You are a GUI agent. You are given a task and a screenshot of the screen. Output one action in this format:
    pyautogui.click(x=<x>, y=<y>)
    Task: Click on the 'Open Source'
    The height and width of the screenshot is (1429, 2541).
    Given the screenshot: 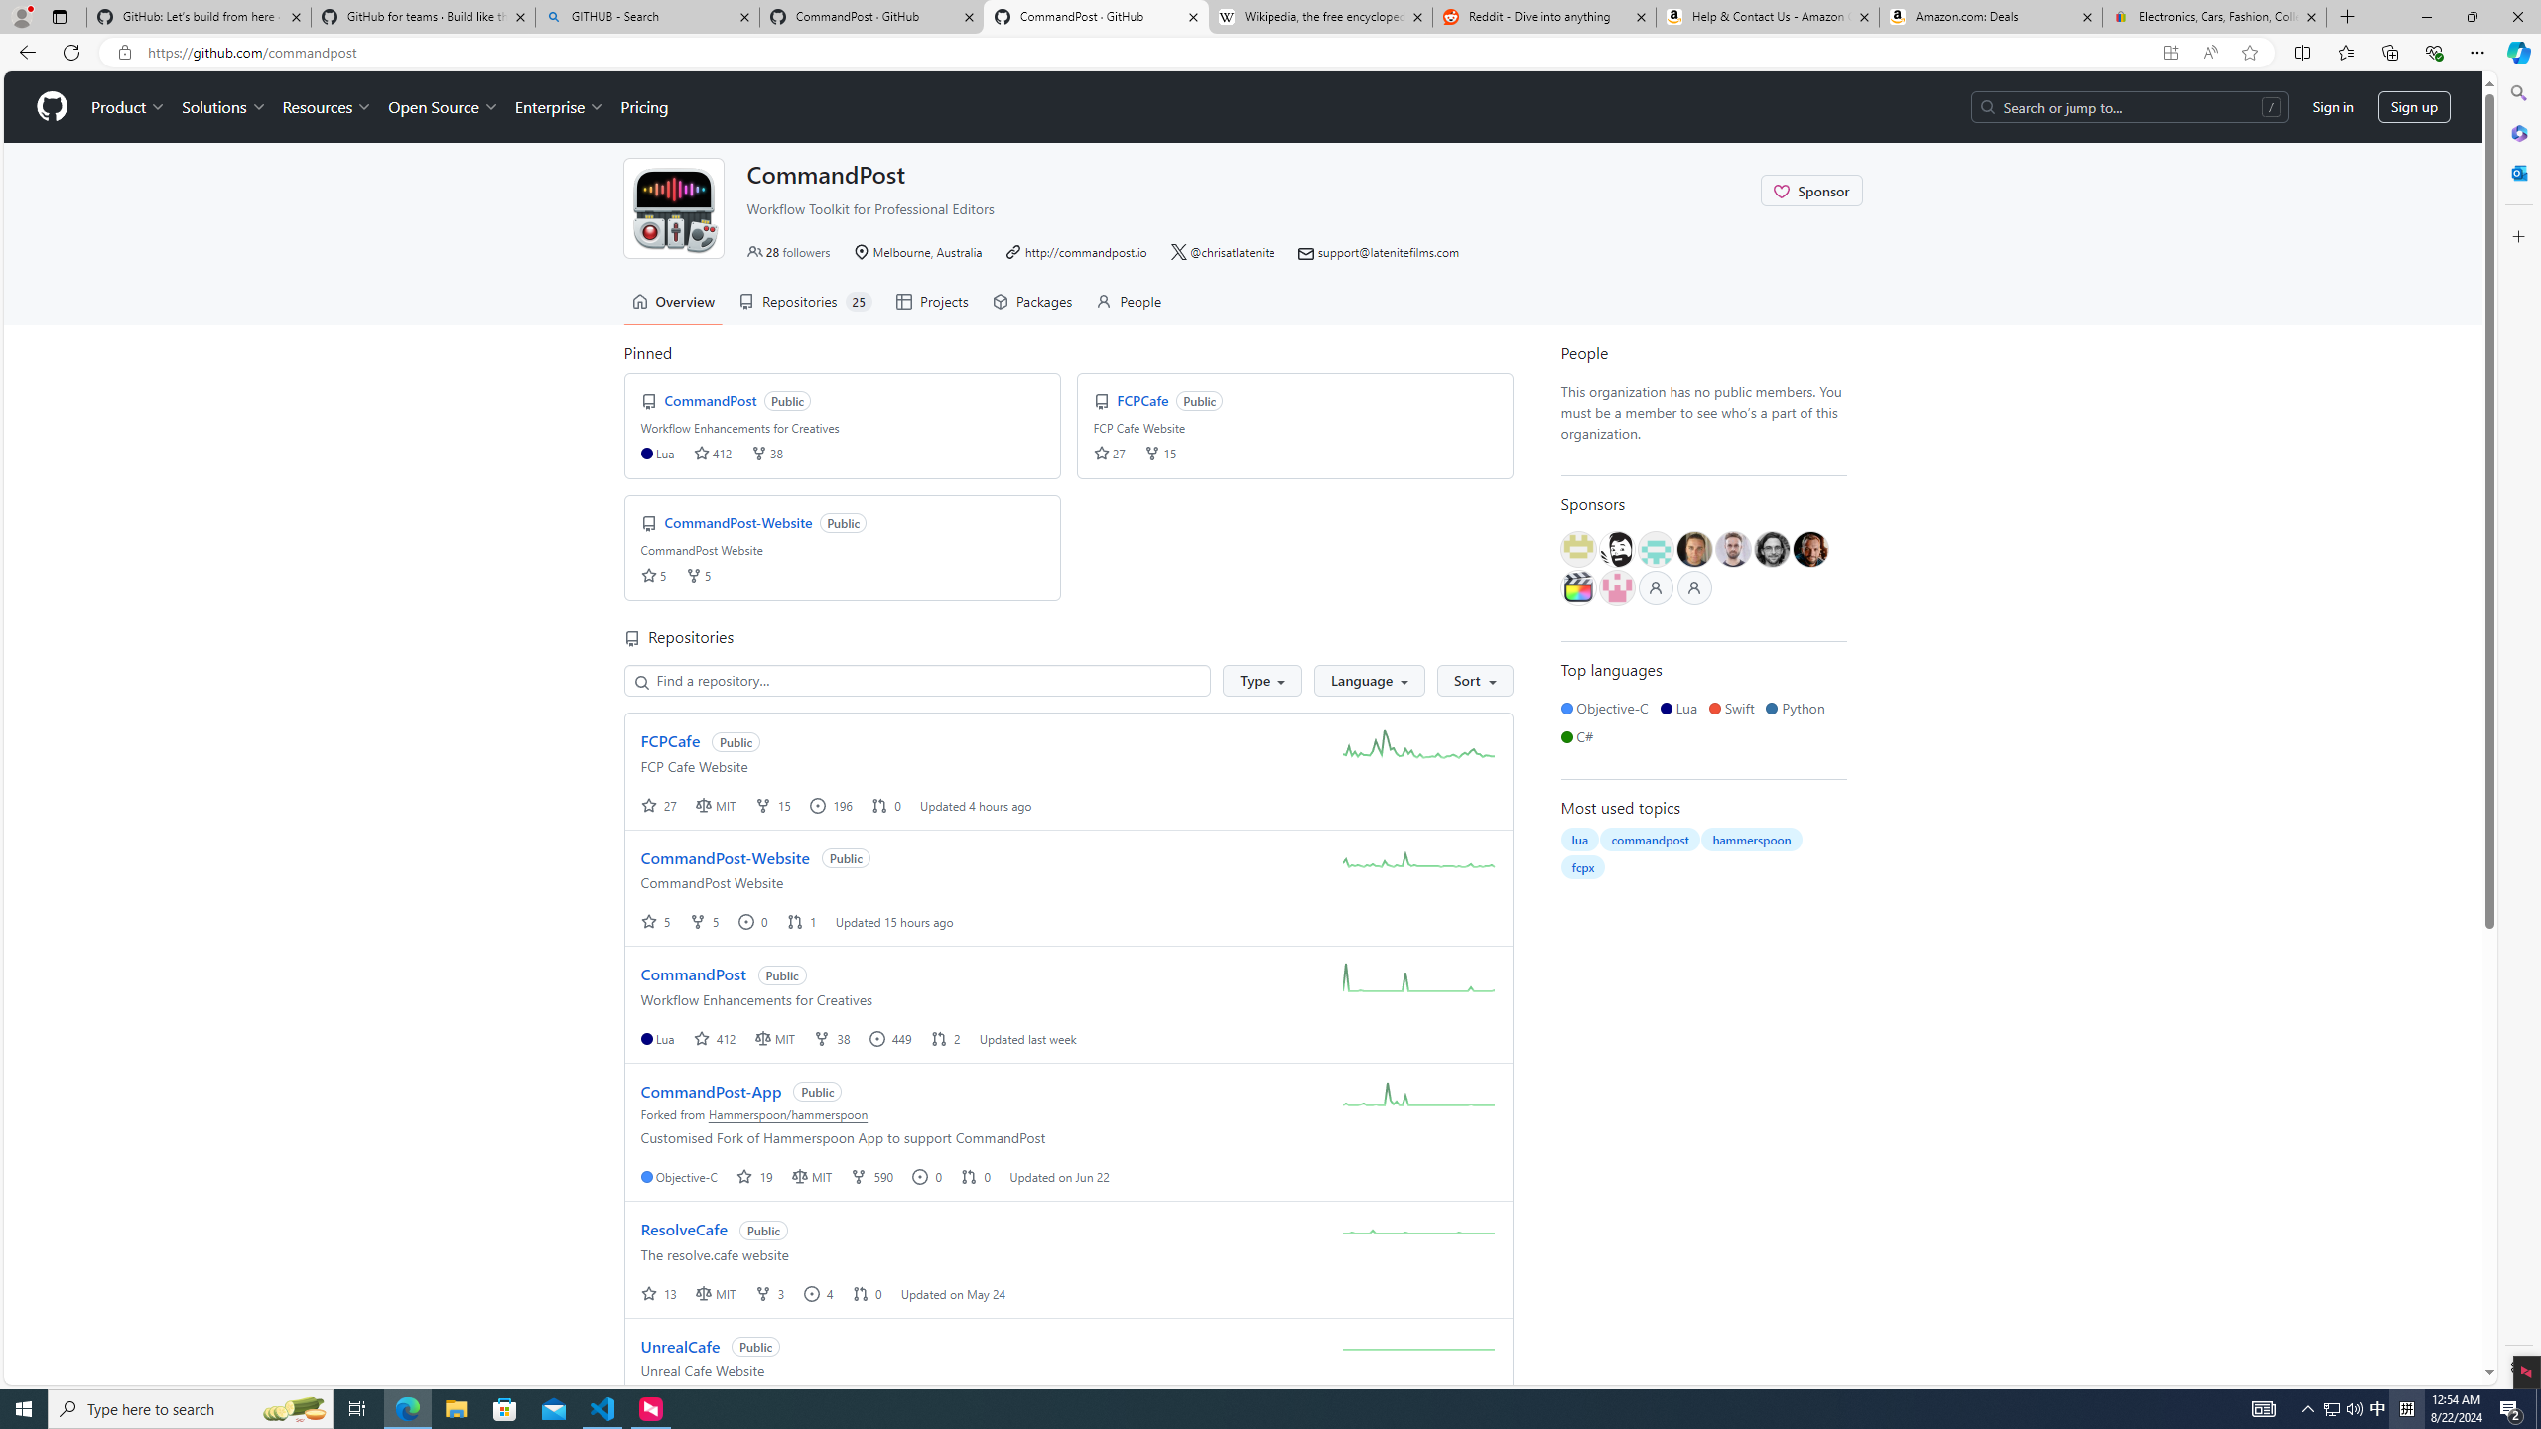 What is the action you would take?
    pyautogui.click(x=445, y=106)
    